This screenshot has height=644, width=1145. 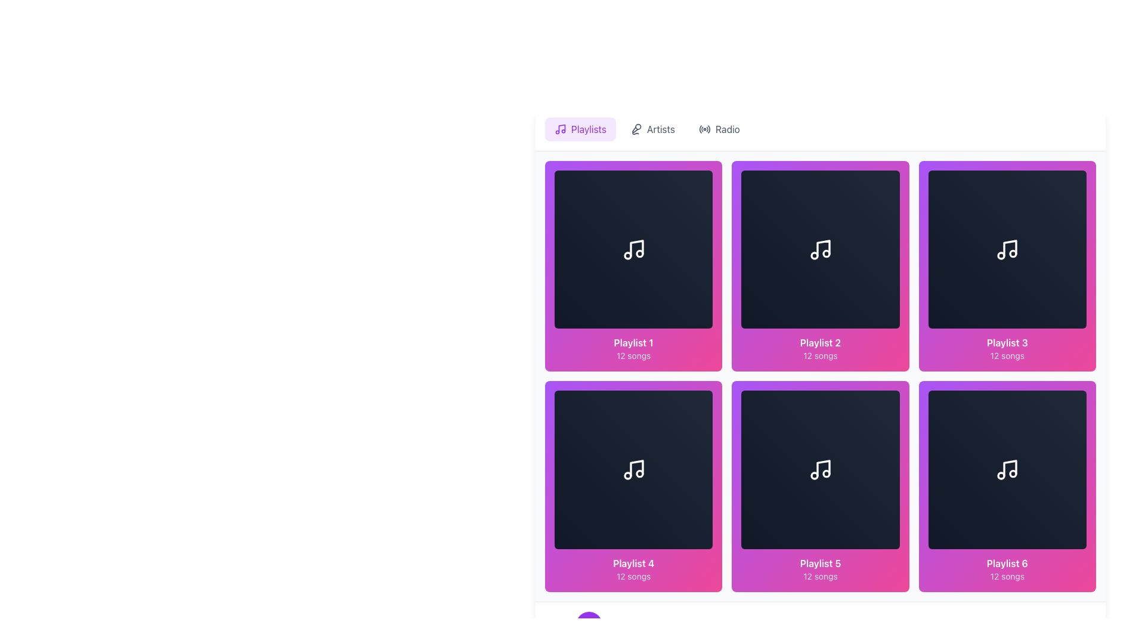 What do you see at coordinates (1001, 475) in the screenshot?
I see `the decorative circle within the 'Playlist 6' card, which is the second circular element in the music note icon` at bounding box center [1001, 475].